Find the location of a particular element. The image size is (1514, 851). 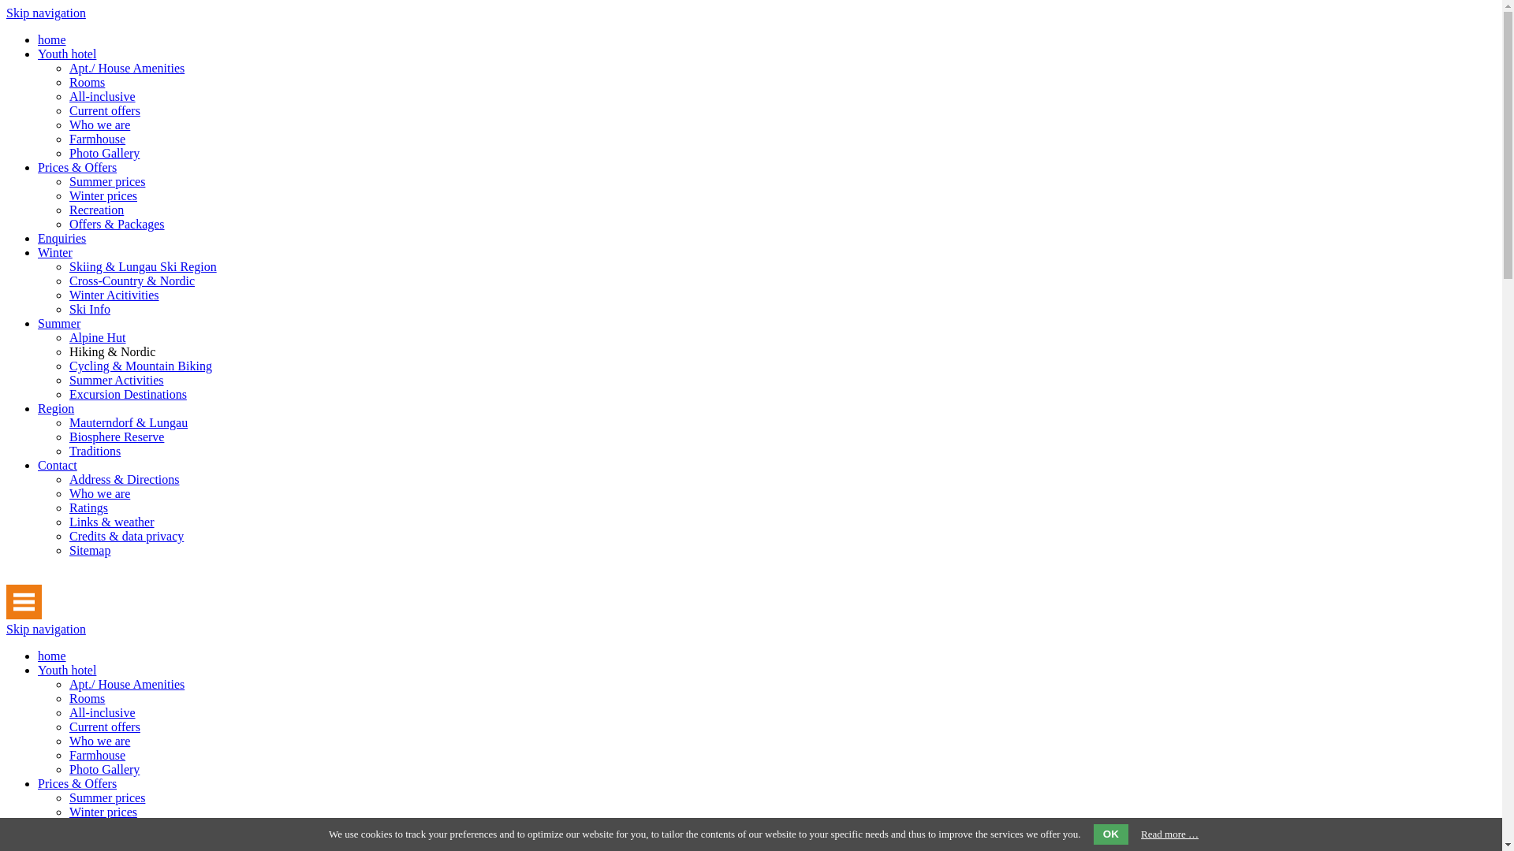

'Alpine Hut' is located at coordinates (97, 336).